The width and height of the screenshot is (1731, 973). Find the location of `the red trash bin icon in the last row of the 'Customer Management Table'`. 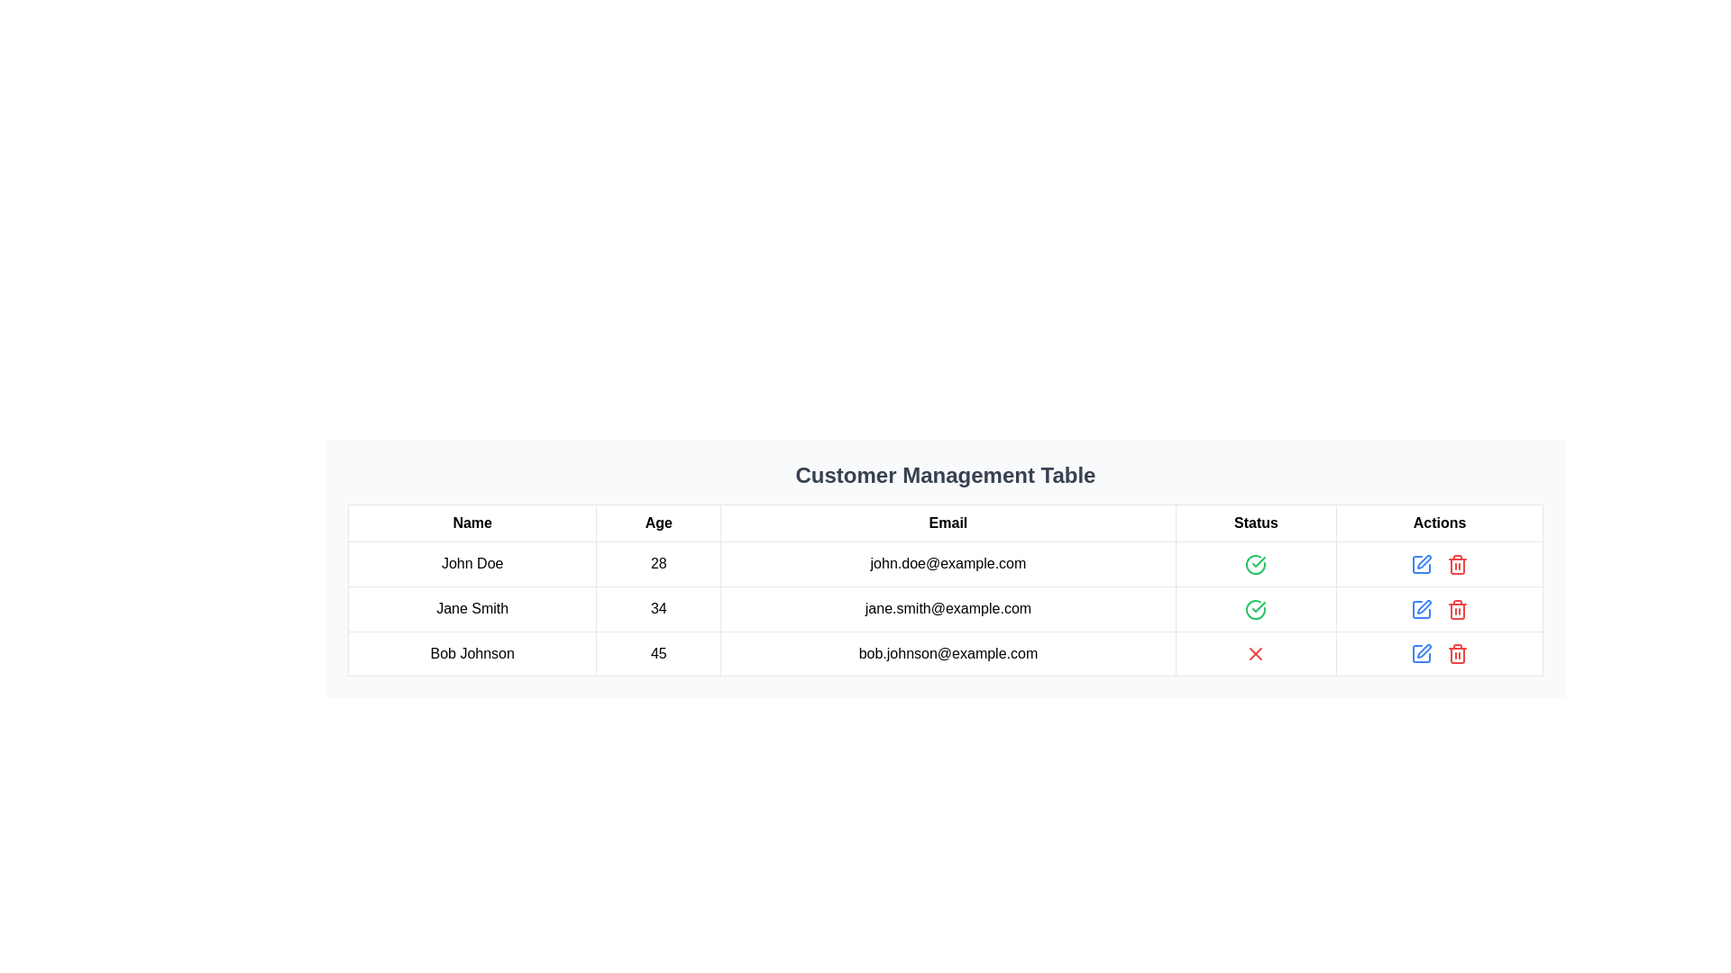

the red trash bin icon in the last row of the 'Customer Management Table' is located at coordinates (1458, 563).